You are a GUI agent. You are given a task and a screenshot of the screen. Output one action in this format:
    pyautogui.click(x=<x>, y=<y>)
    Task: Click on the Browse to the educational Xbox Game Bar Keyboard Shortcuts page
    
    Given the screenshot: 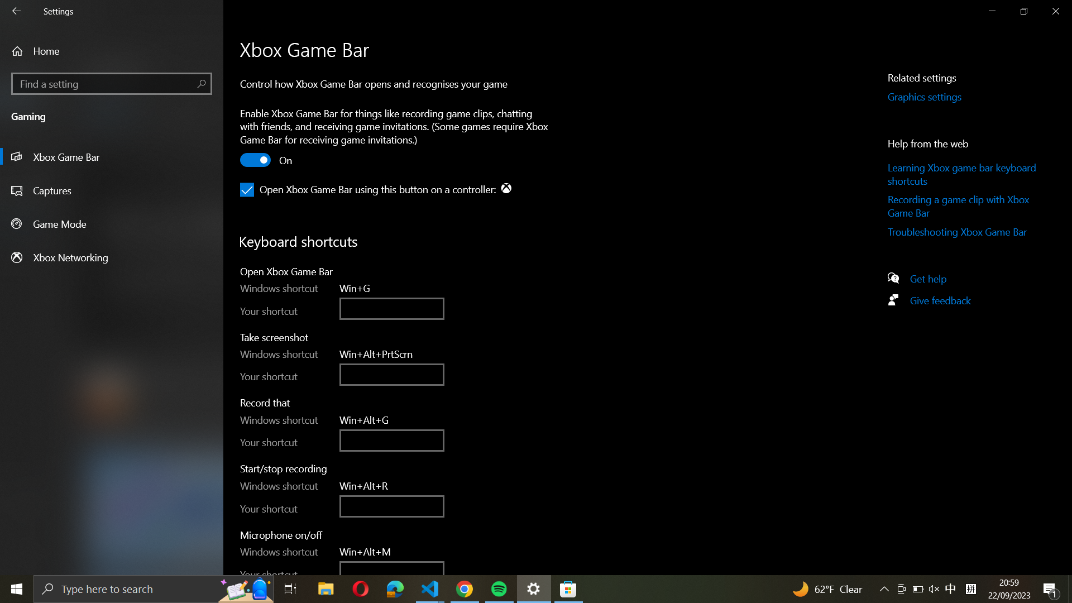 What is the action you would take?
    pyautogui.click(x=963, y=174)
    